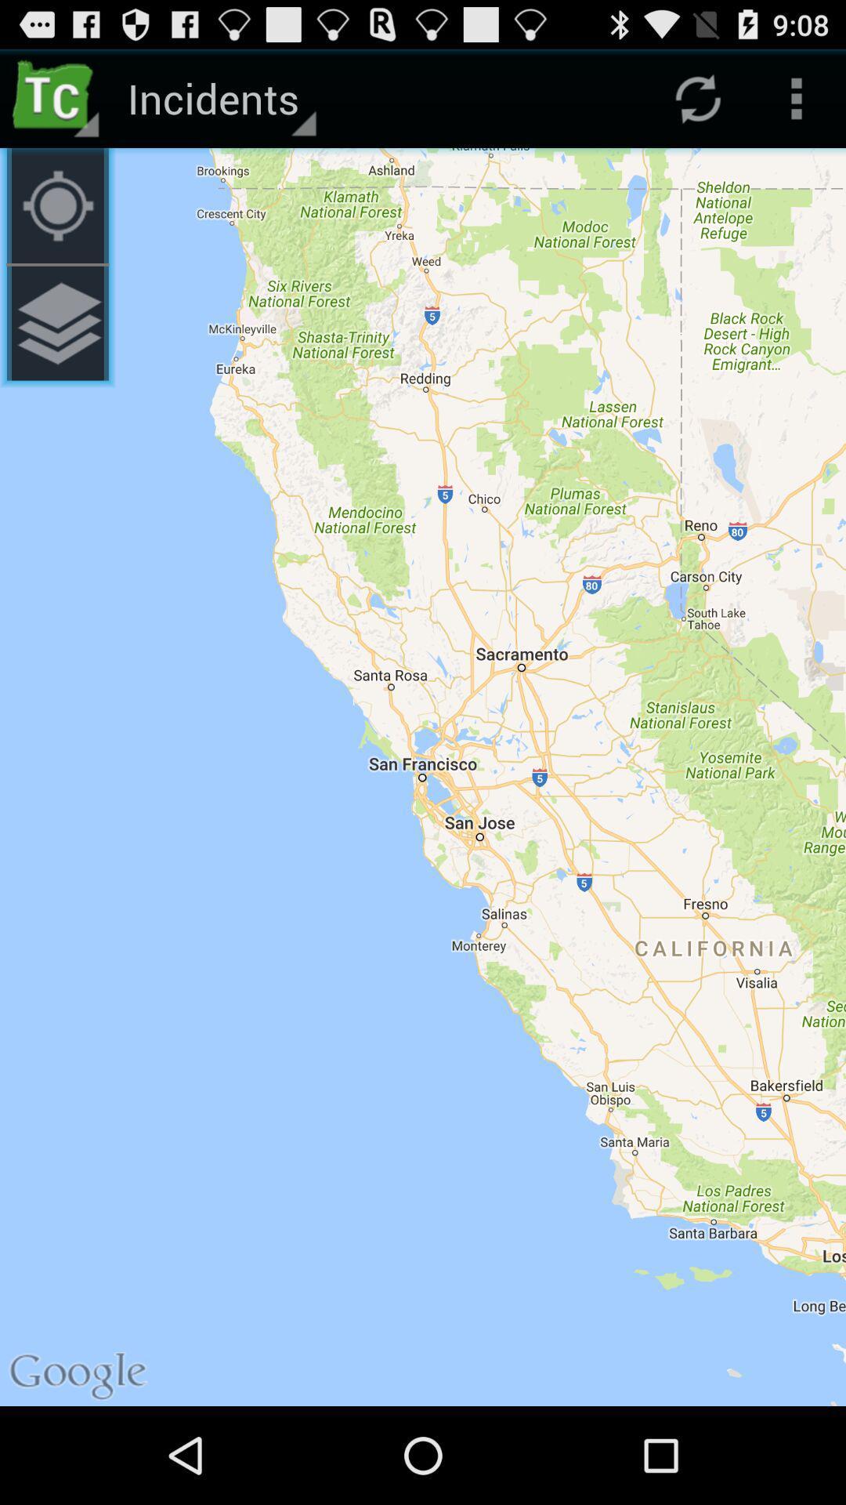  I want to click on the app next to the incidents, so click(56, 97).